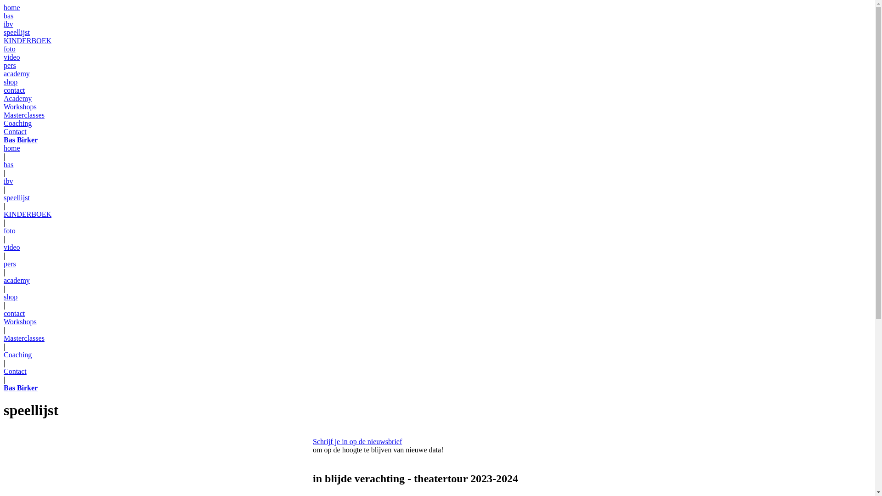 This screenshot has width=882, height=496. Describe the element at coordinates (4, 354) in the screenshot. I see `'Coaching'` at that location.